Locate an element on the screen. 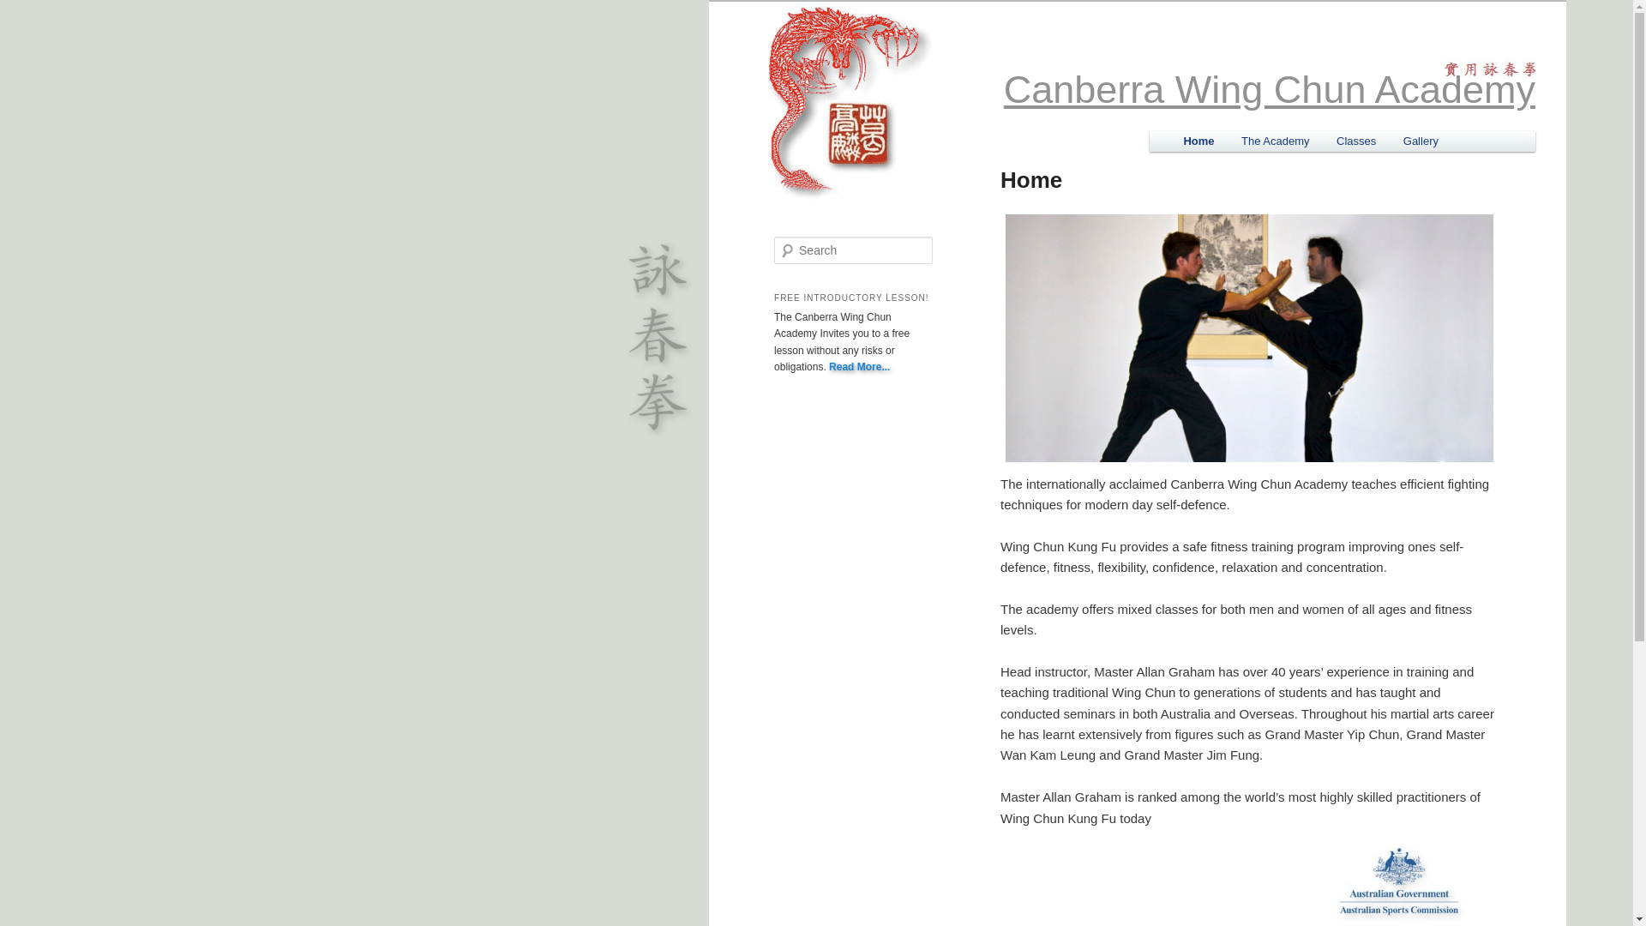  'Gallery' is located at coordinates (1421, 140).